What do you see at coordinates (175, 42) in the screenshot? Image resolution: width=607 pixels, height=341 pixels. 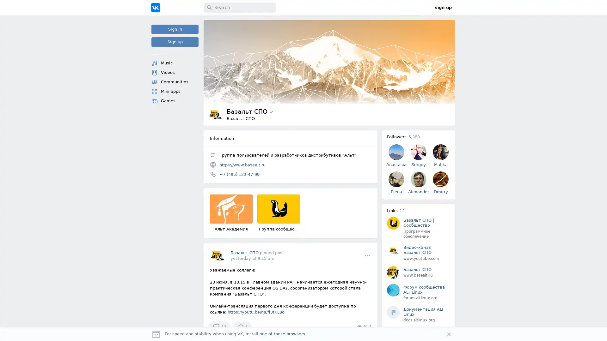 I see `Sign up` at bounding box center [175, 42].